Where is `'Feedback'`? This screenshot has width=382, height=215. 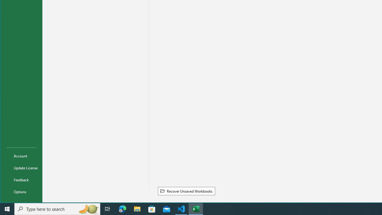 'Feedback' is located at coordinates (21, 179).